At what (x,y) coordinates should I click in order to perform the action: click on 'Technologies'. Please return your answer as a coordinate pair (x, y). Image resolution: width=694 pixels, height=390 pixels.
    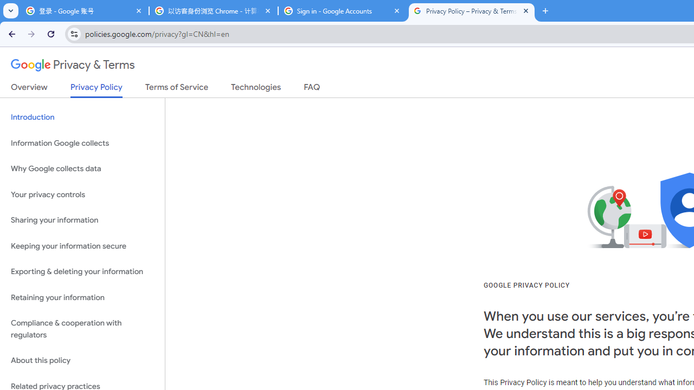
    Looking at the image, I should click on (255, 89).